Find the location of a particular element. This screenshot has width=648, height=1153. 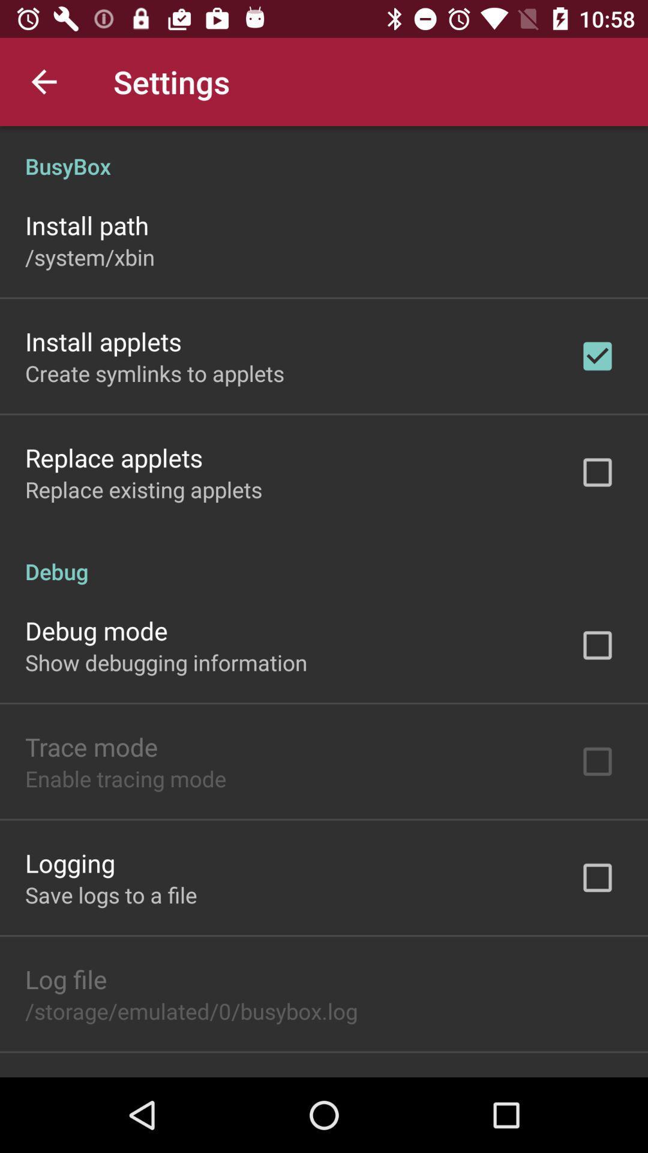

the item below logging item is located at coordinates (111, 895).